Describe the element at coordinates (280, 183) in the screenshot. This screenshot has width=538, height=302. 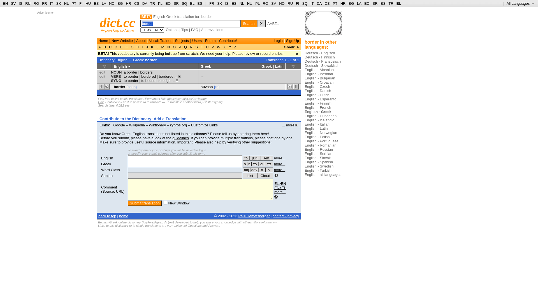
I see `'EL>EN'` at that location.